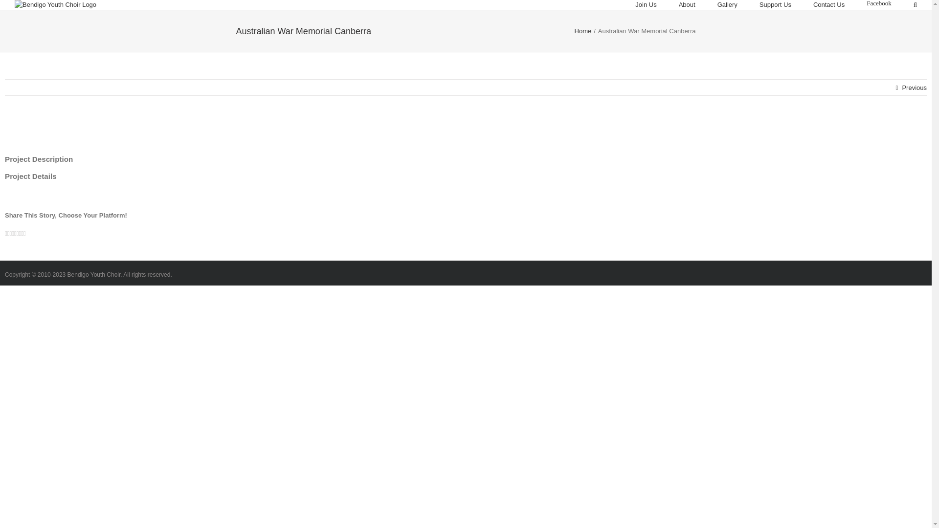 Image resolution: width=939 pixels, height=528 pixels. Describe the element at coordinates (24, 233) in the screenshot. I see `'Email'` at that location.